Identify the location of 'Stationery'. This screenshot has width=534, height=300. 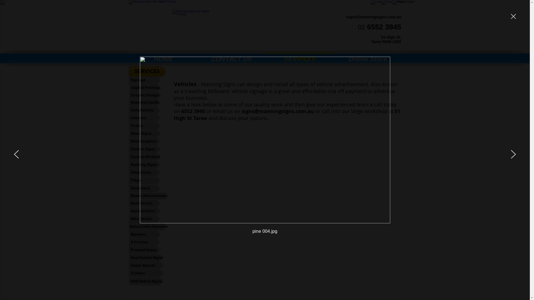
(144, 188).